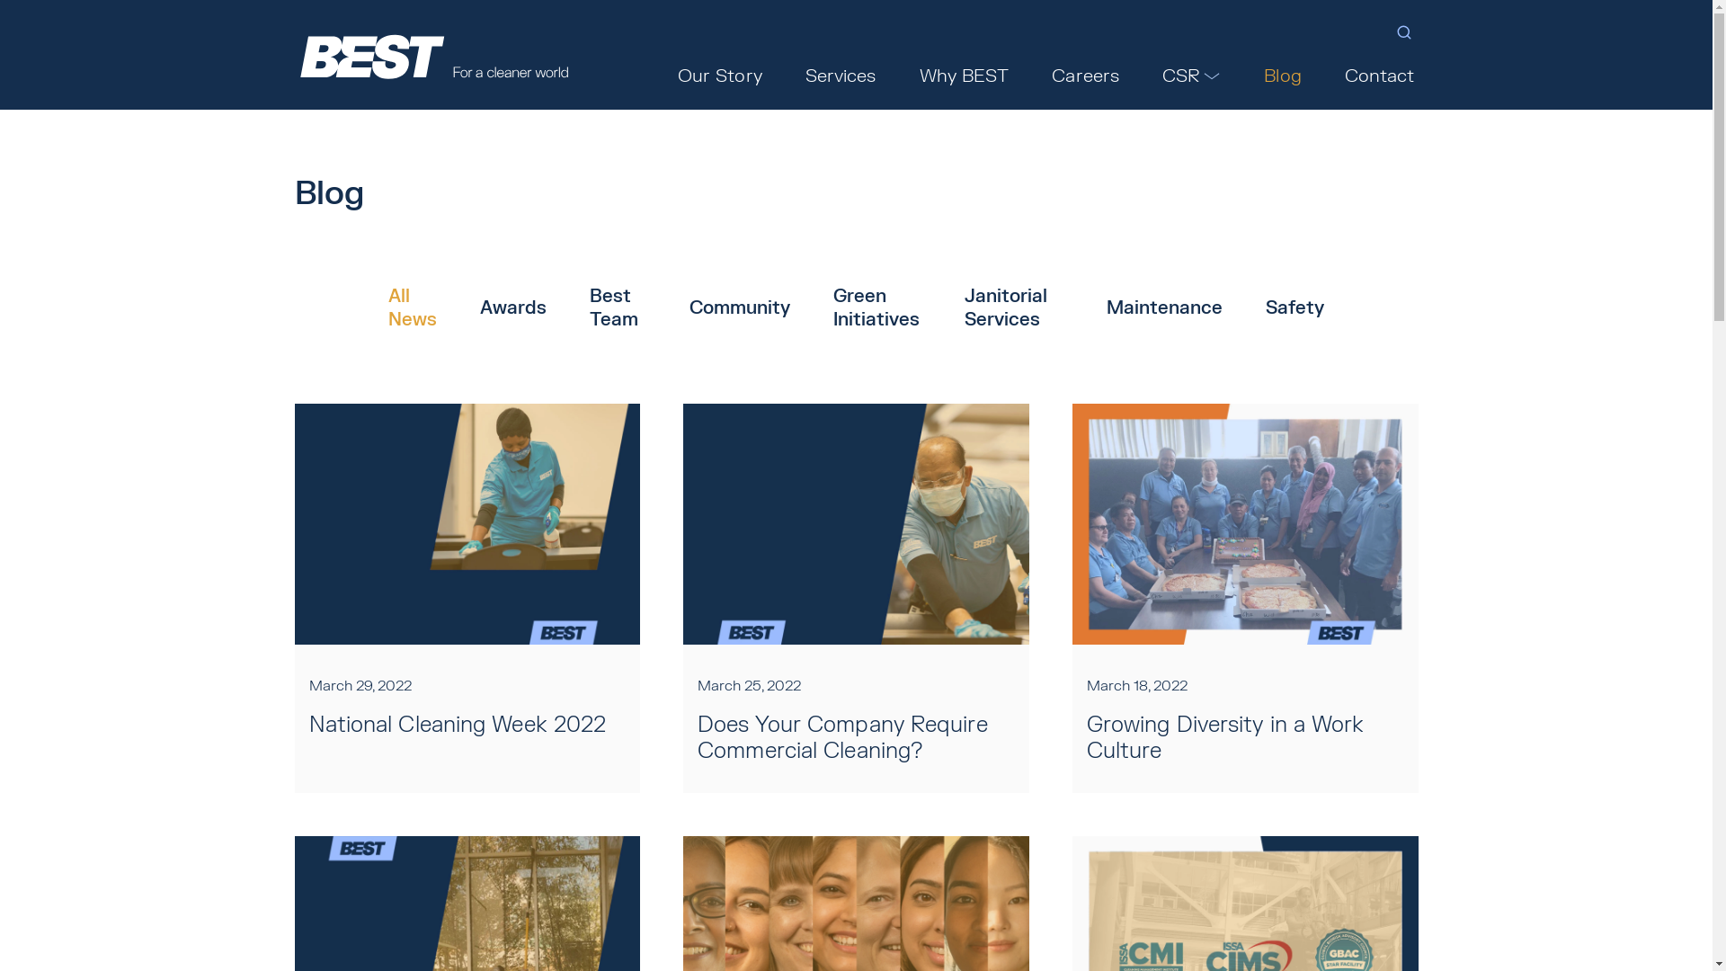 The image size is (1726, 971). Describe the element at coordinates (1048, 75) in the screenshot. I see `'Careers'` at that location.